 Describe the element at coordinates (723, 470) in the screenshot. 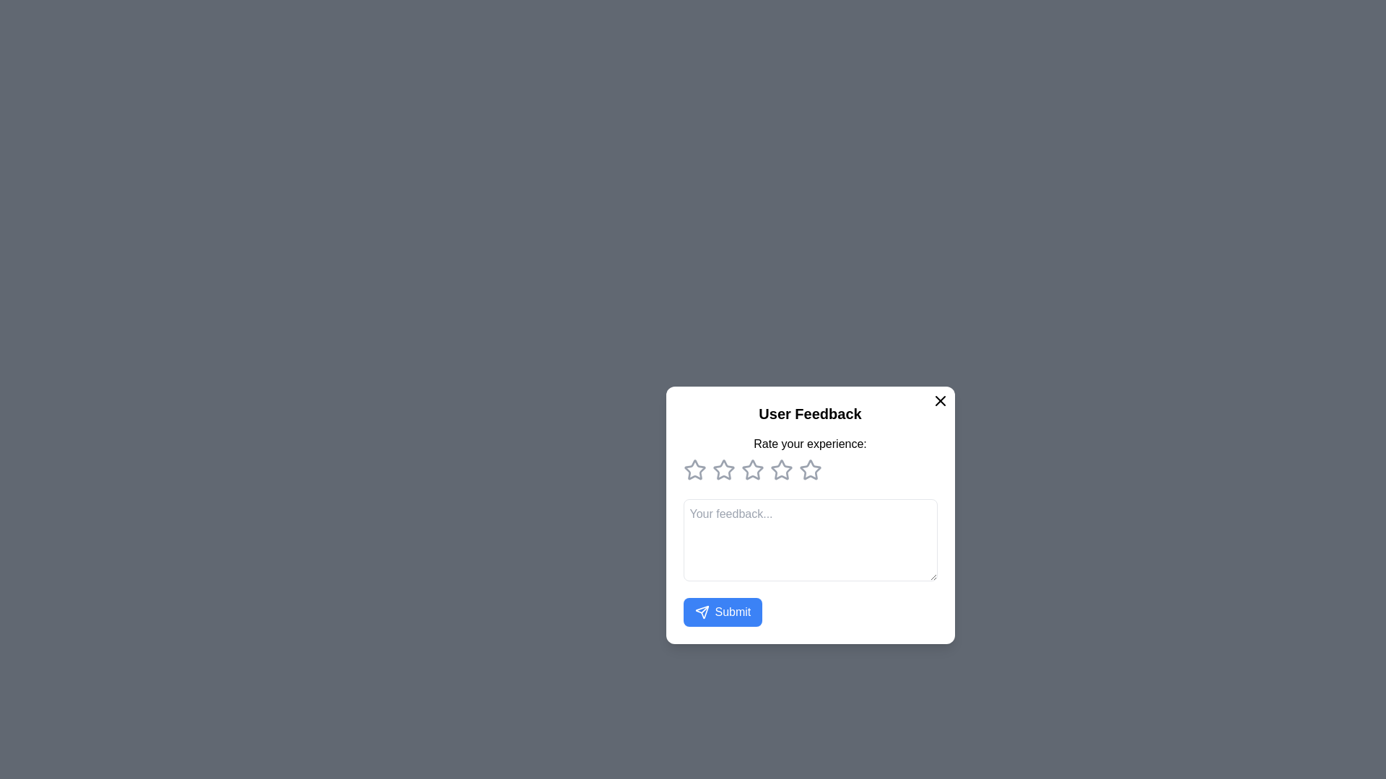

I see `the second star icon in the horizontal sequence of five, which is styled with a gray outline` at that location.